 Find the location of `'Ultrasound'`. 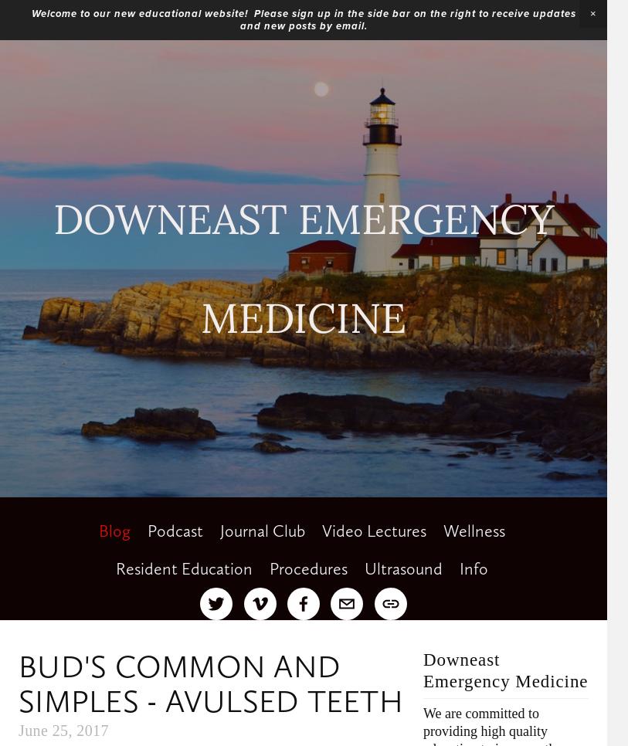

'Ultrasound' is located at coordinates (402, 568).